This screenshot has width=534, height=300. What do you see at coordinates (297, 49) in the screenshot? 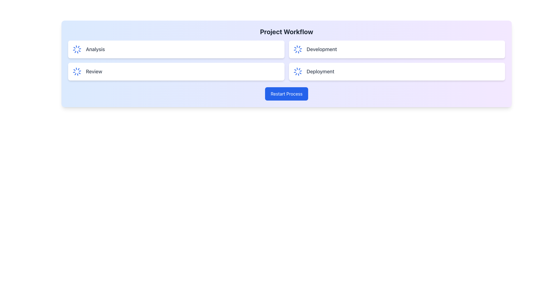
I see `the circular blue animated spinning icon resembling a loading indicator located to the left of the text 'Development' in the 'Project Workflow' section` at bounding box center [297, 49].